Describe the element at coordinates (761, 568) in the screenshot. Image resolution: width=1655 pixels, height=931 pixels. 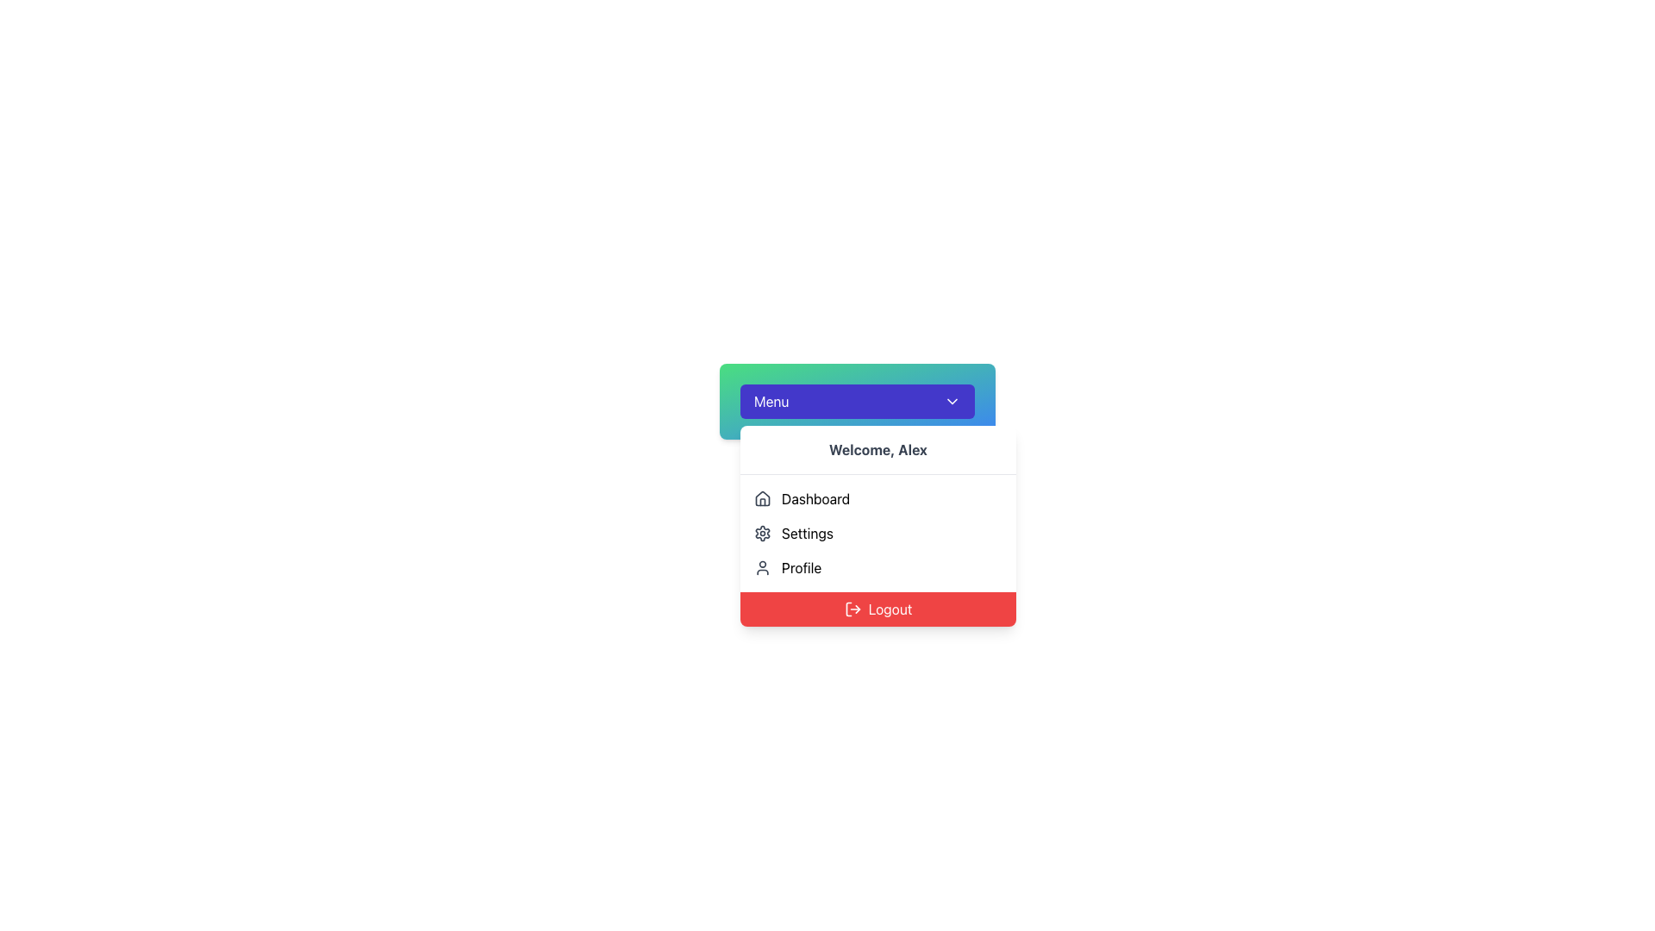
I see `the user silhouette SVG icon located to the left of the 'Profile' text in the dropdown menu` at that location.